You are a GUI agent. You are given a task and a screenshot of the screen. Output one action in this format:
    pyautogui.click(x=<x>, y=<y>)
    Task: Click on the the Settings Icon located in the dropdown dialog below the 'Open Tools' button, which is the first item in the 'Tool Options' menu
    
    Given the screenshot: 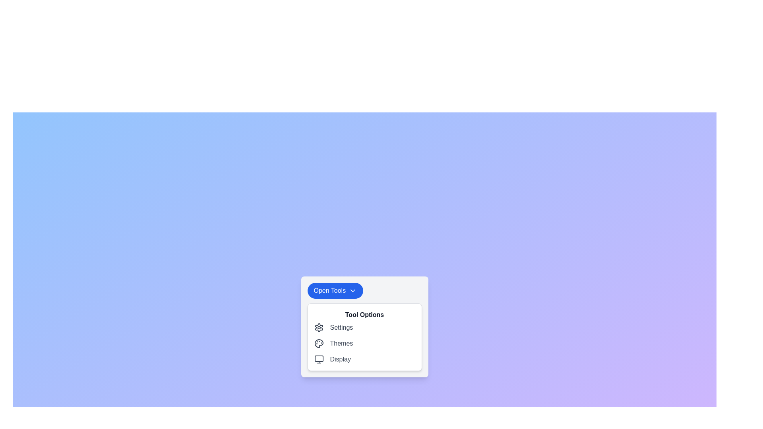 What is the action you would take?
    pyautogui.click(x=319, y=328)
    